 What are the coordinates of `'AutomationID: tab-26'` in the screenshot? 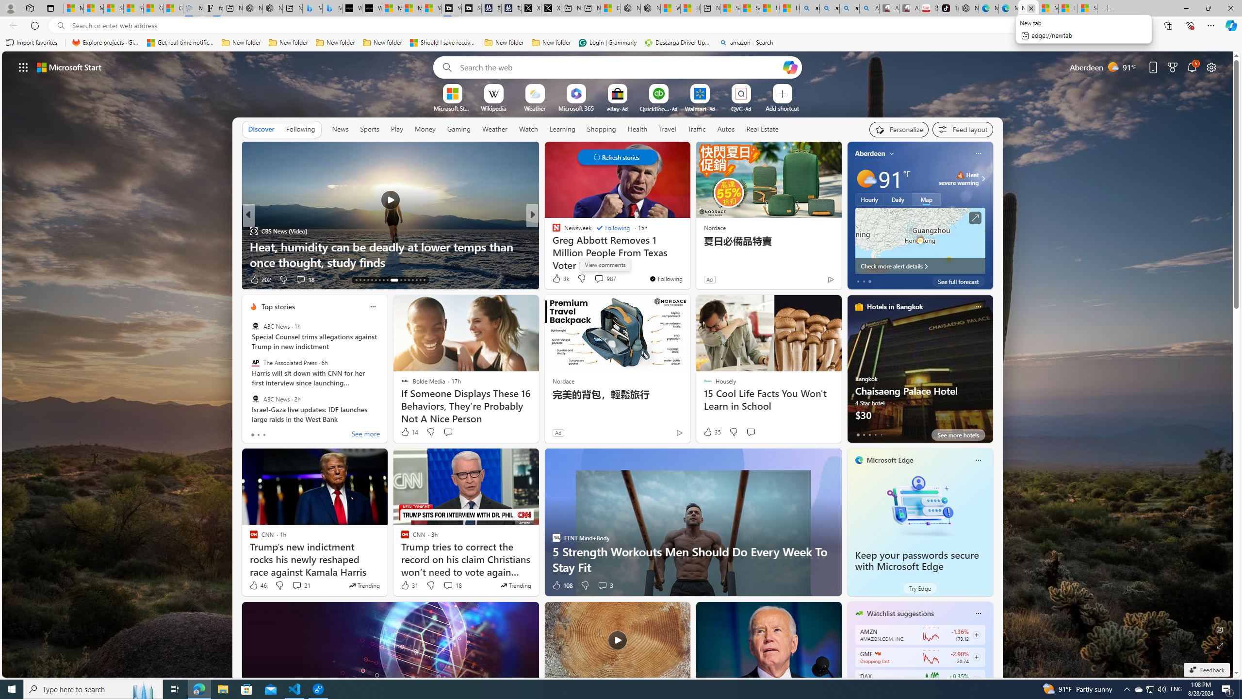 It's located at (411, 280).